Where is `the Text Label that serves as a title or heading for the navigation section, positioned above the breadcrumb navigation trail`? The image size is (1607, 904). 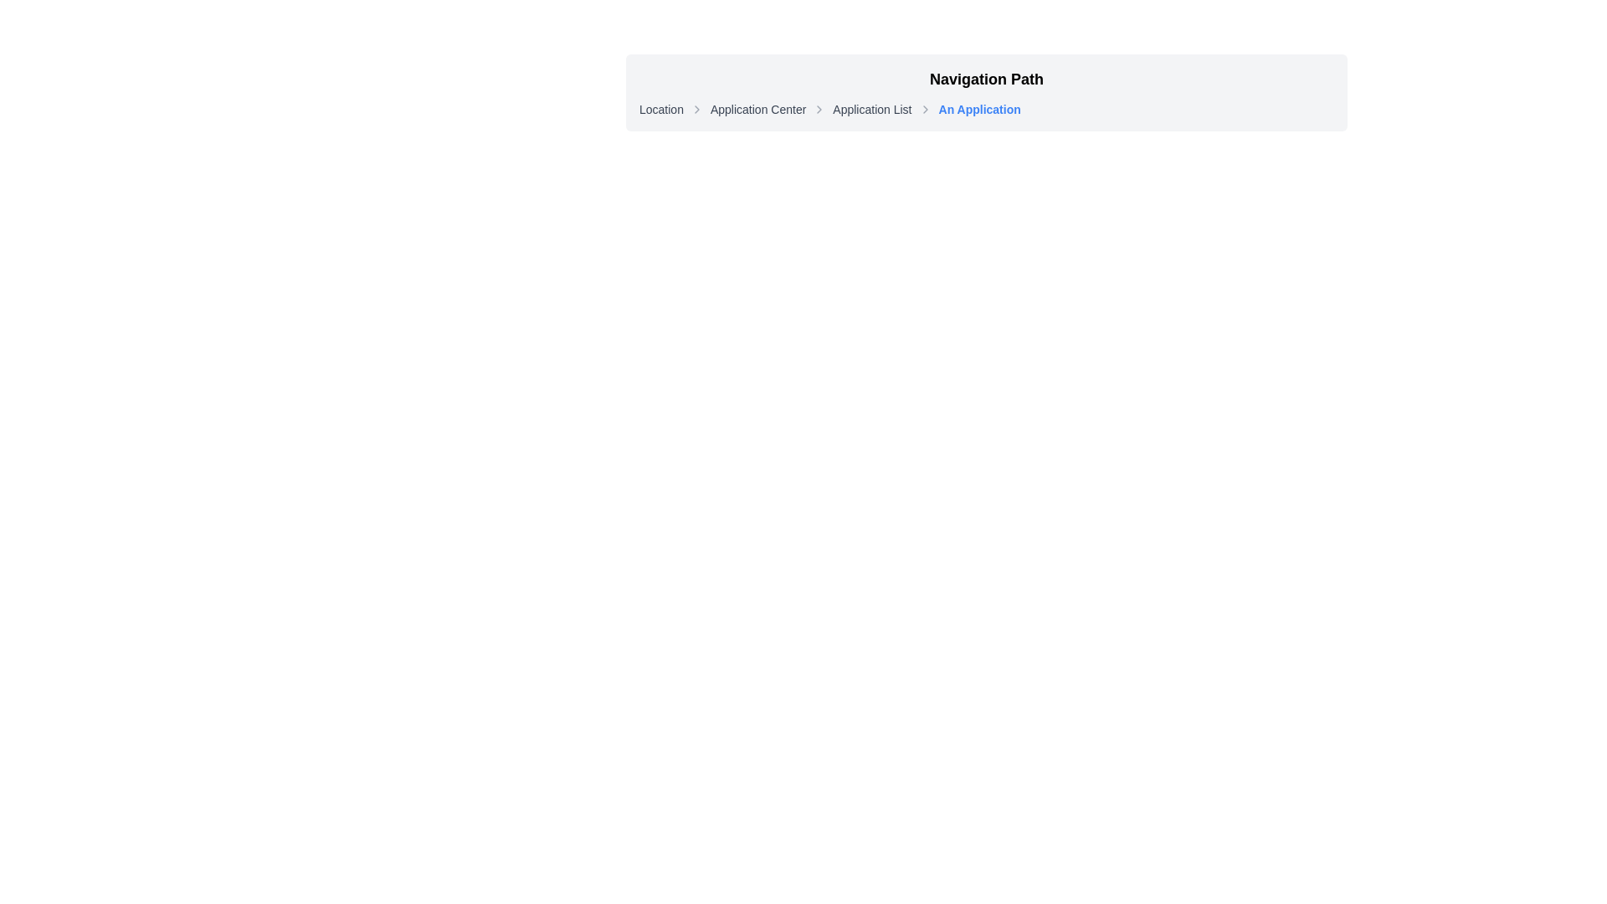
the Text Label that serves as a title or heading for the navigation section, positioned above the breadcrumb navigation trail is located at coordinates (987, 80).